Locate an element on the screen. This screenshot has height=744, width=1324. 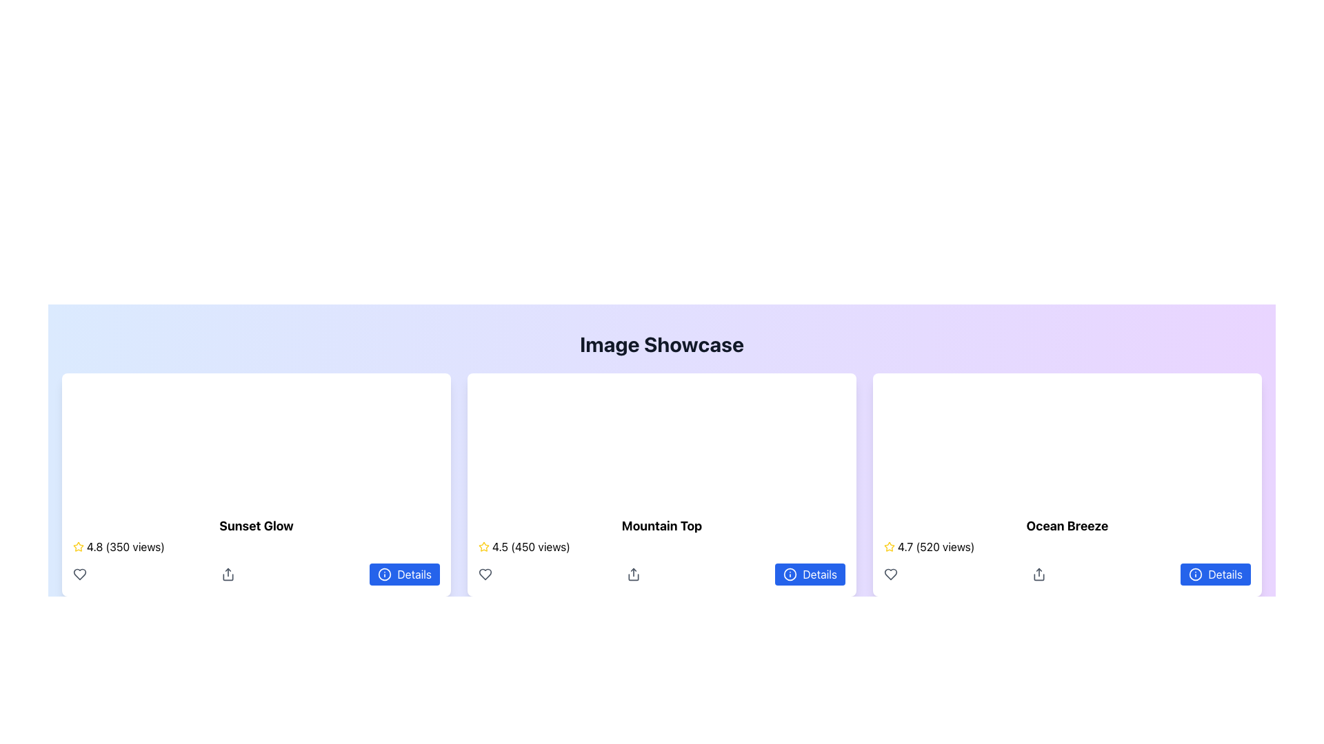
the text label reading 'Ocean Breeze', which is positioned at the top center of the card interface in the third column of the grid layout is located at coordinates (1067, 526).